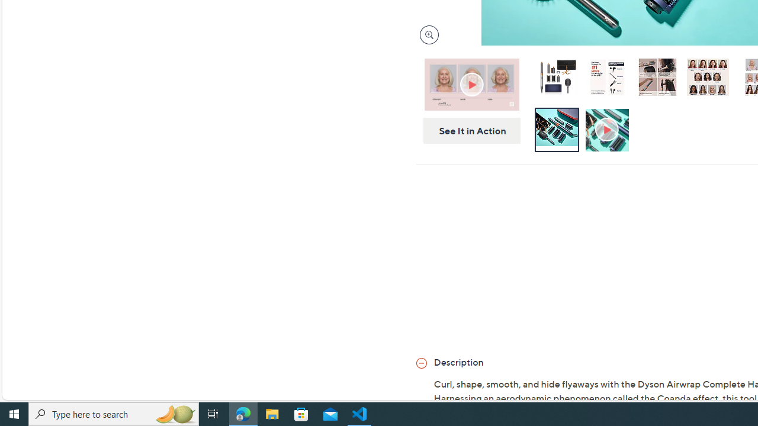  What do you see at coordinates (174, 413) in the screenshot?
I see `'Search highlights icon opens search home window'` at bounding box center [174, 413].